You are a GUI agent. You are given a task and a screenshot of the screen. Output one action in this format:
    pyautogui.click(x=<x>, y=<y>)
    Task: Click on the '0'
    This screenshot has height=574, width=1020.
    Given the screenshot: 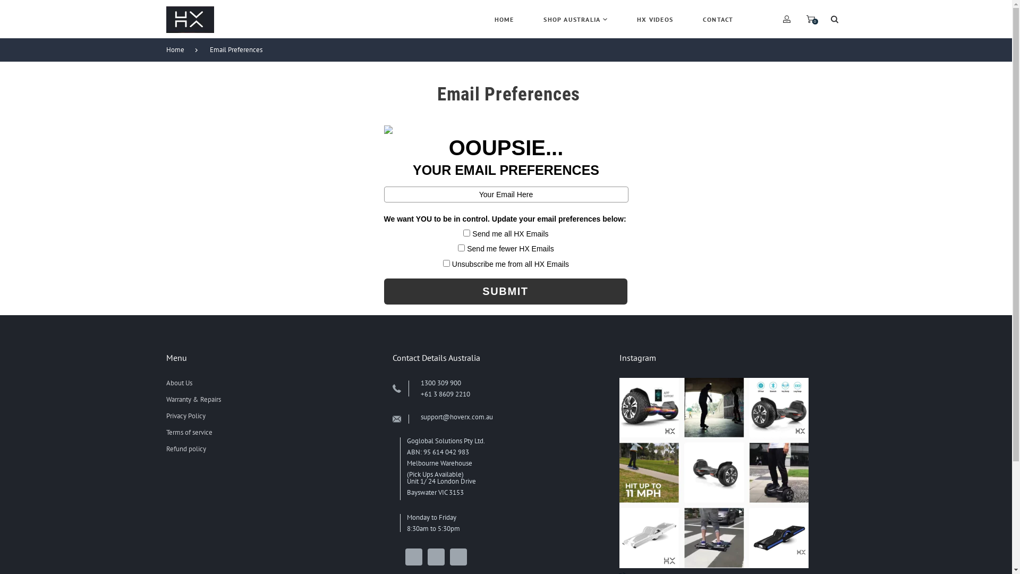 What is the action you would take?
    pyautogui.click(x=810, y=19)
    